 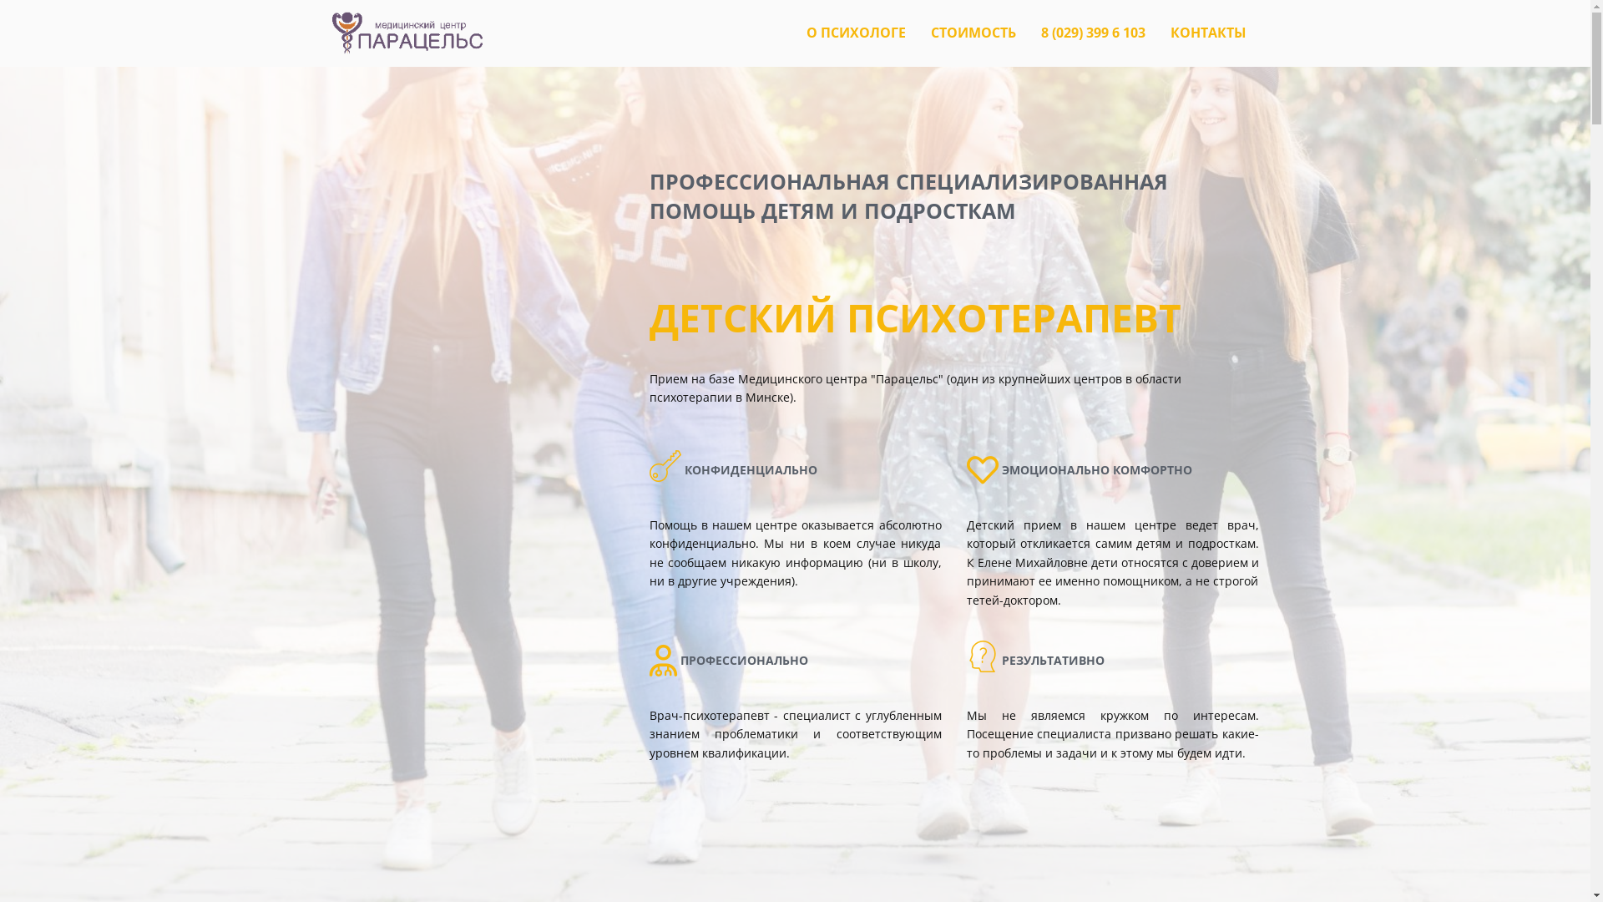 I want to click on '8 (029) 399 6 103', so click(x=1092, y=33).